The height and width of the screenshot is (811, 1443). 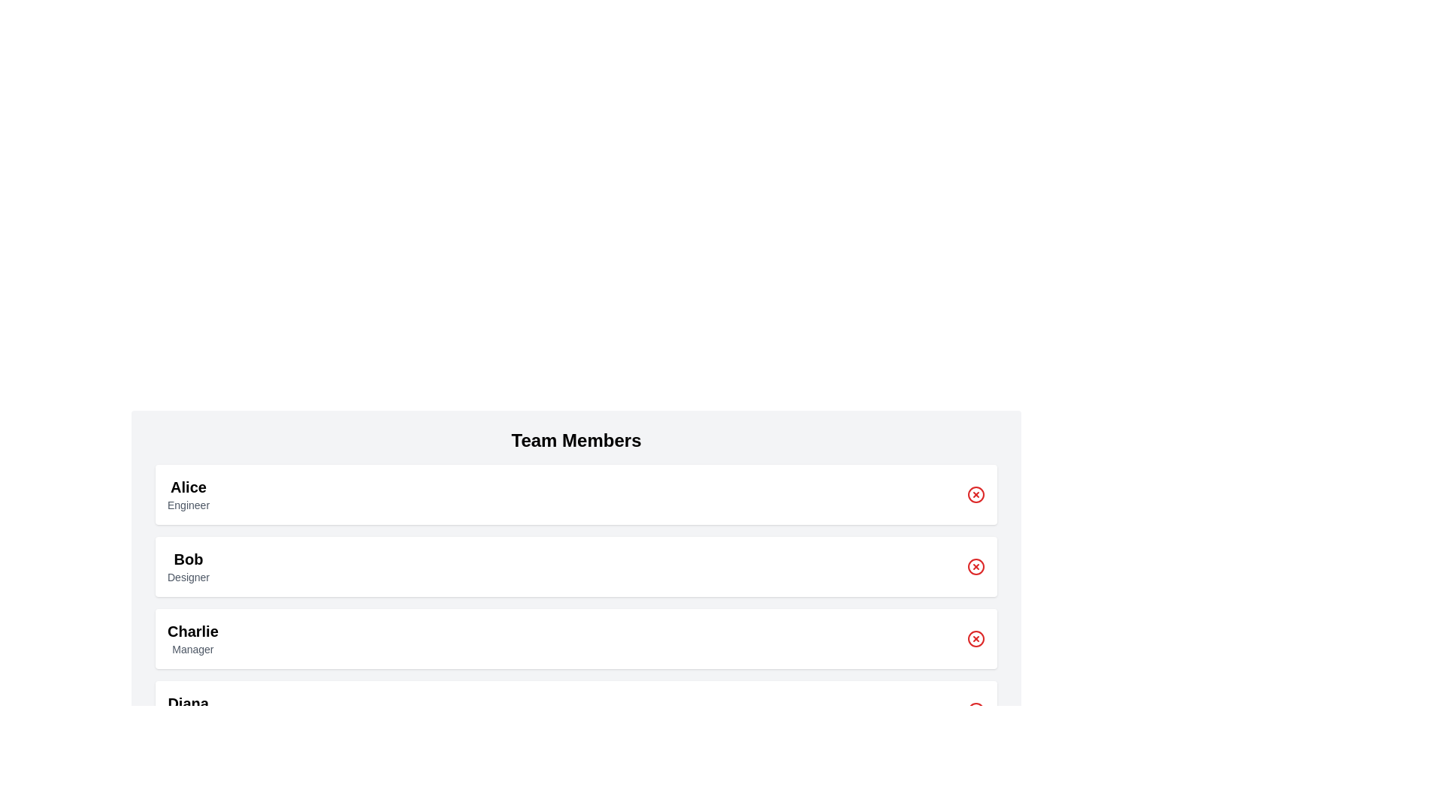 What do you see at coordinates (187, 576) in the screenshot?
I see `the text label that displays the job title or role of 'Bob'` at bounding box center [187, 576].